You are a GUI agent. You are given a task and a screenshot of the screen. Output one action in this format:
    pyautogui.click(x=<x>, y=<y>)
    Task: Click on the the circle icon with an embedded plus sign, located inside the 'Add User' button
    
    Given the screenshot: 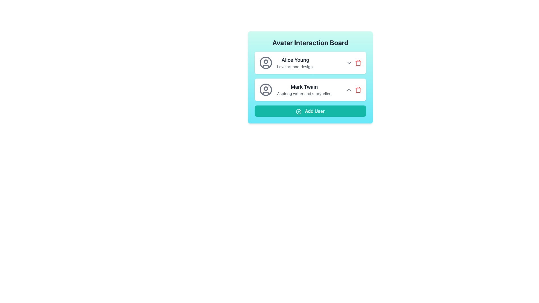 What is the action you would take?
    pyautogui.click(x=298, y=111)
    